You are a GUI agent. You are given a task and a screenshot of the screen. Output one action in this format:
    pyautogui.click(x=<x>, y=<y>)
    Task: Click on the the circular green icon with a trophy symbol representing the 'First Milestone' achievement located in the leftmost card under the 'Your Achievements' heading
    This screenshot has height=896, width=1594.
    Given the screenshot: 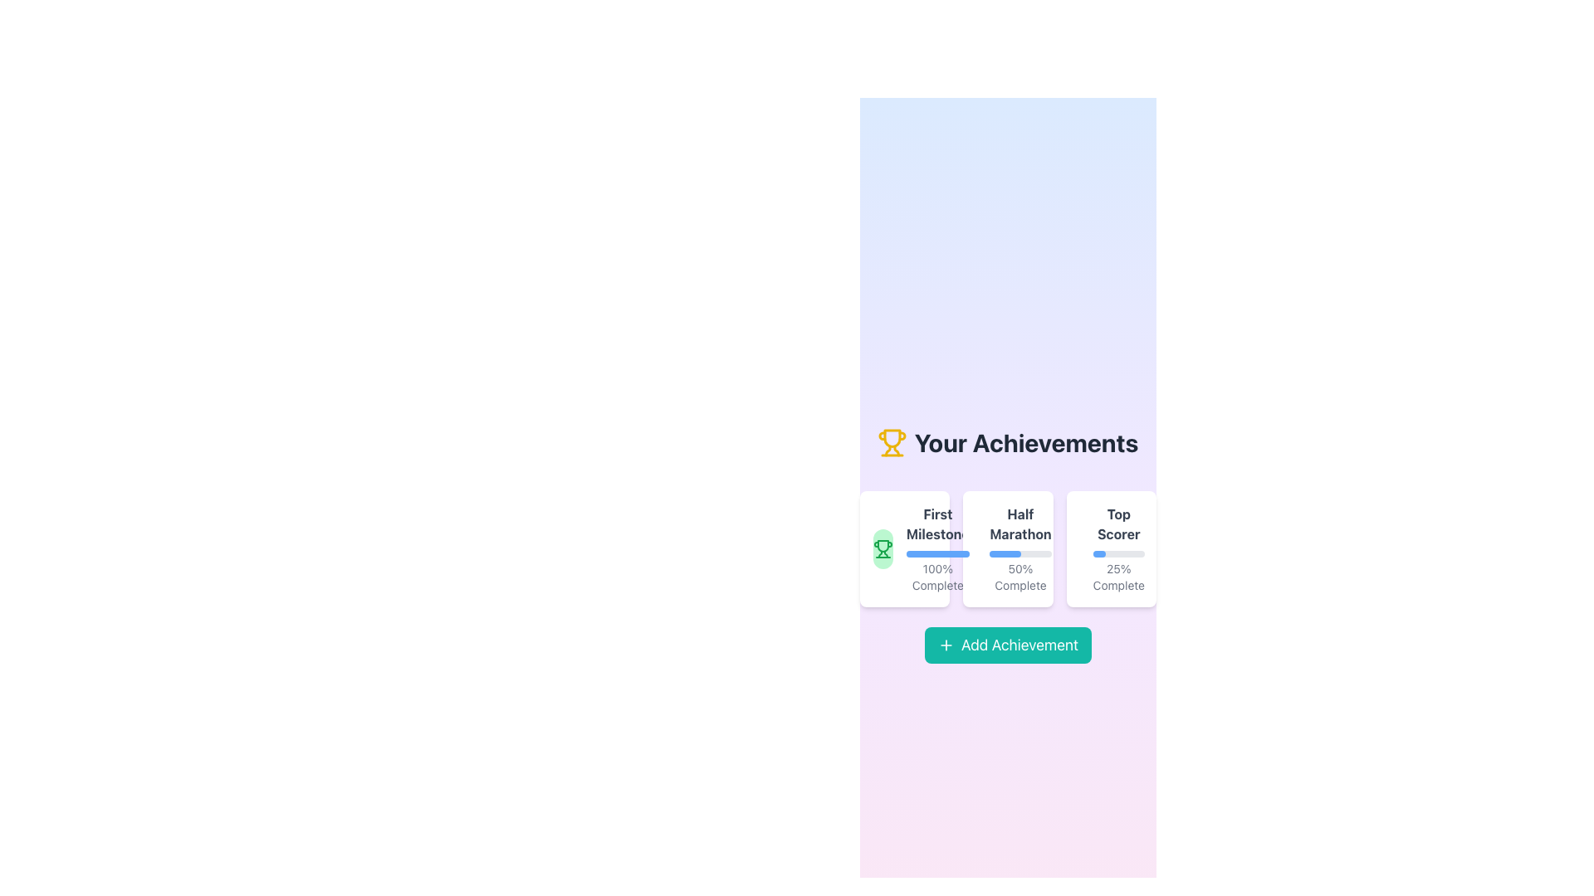 What is the action you would take?
    pyautogui.click(x=883, y=549)
    